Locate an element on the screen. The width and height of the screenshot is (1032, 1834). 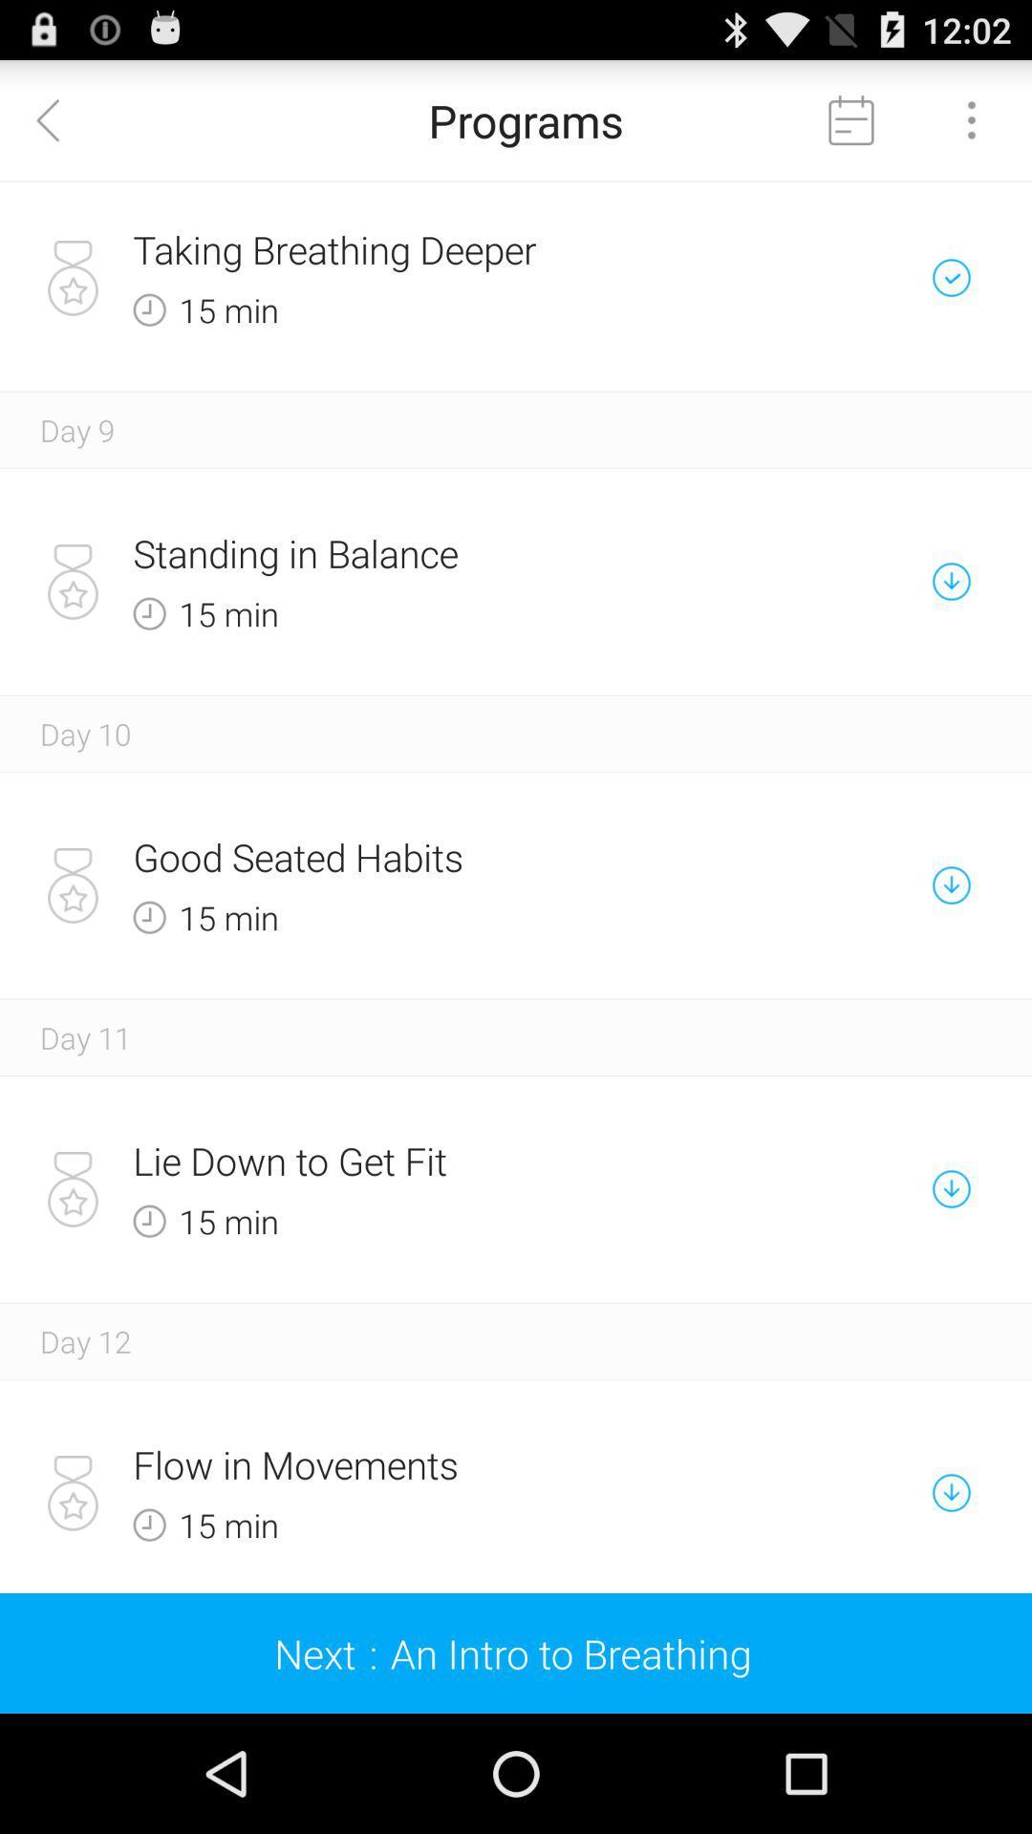
icon to the left of the programs is located at coordinates (58, 118).